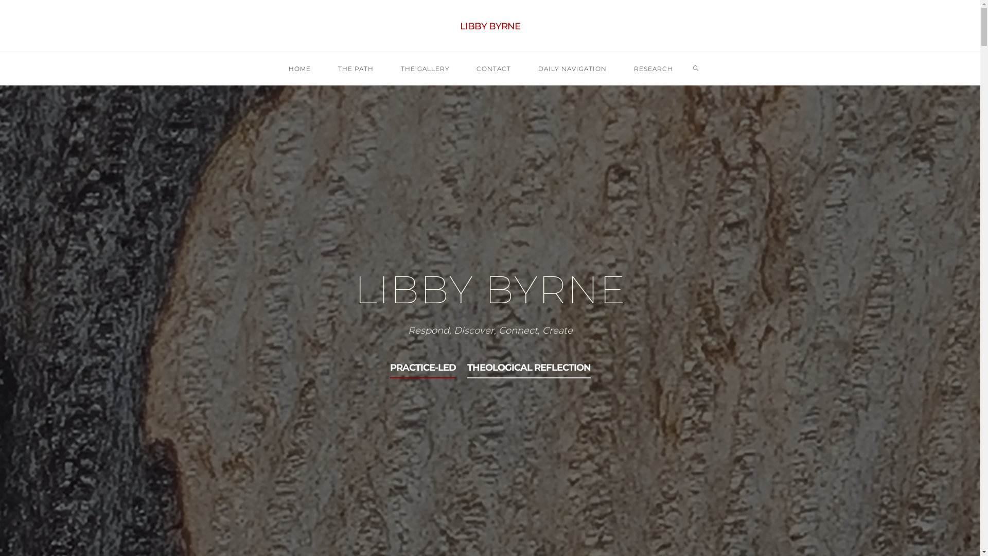 The width and height of the screenshot is (988, 556). Describe the element at coordinates (425, 68) in the screenshot. I see `'THE GALLERY'` at that location.